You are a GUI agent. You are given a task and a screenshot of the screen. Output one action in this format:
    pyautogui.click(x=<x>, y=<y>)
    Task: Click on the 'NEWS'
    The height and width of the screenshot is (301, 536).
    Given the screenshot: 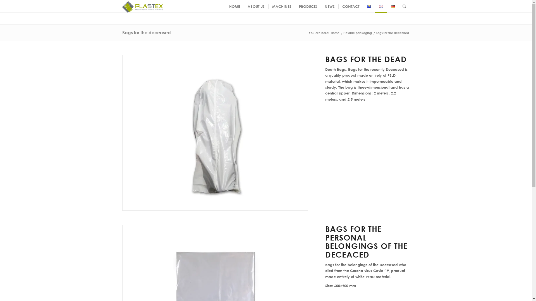 What is the action you would take?
    pyautogui.click(x=329, y=6)
    